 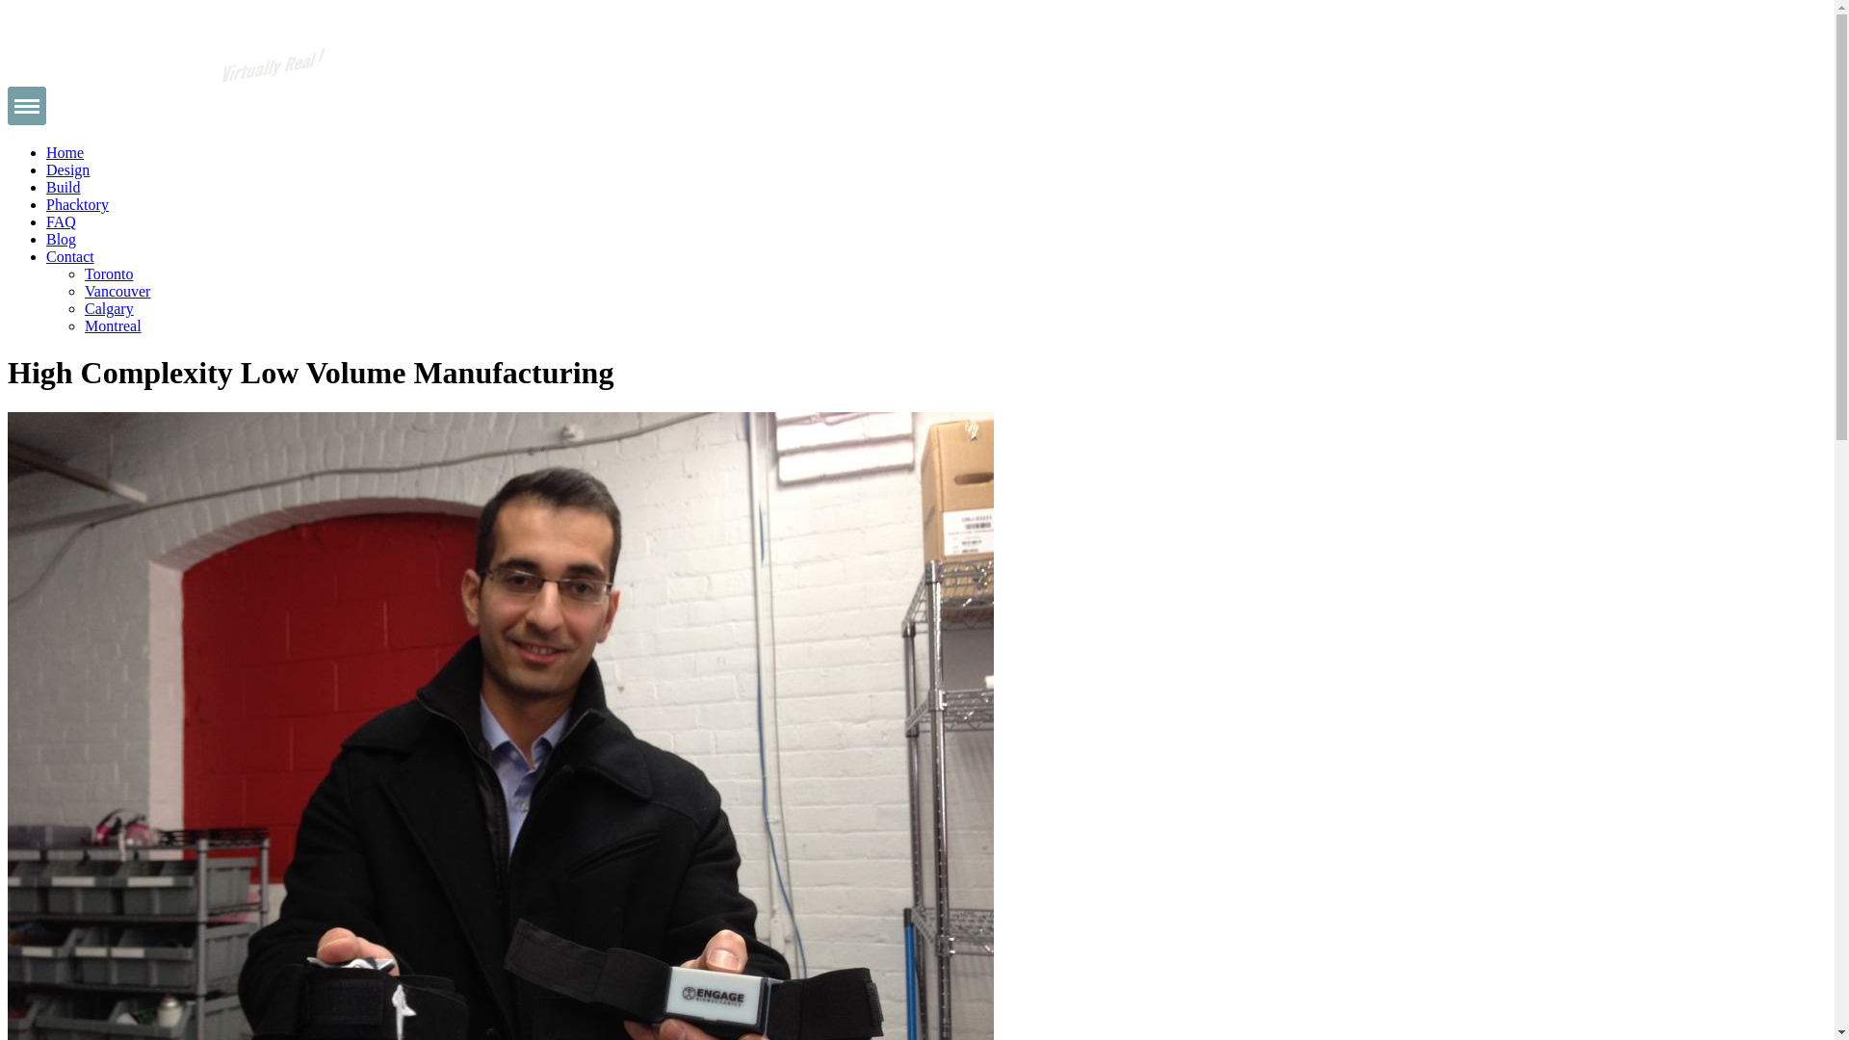 What do you see at coordinates (83, 307) in the screenshot?
I see `'Calgary'` at bounding box center [83, 307].